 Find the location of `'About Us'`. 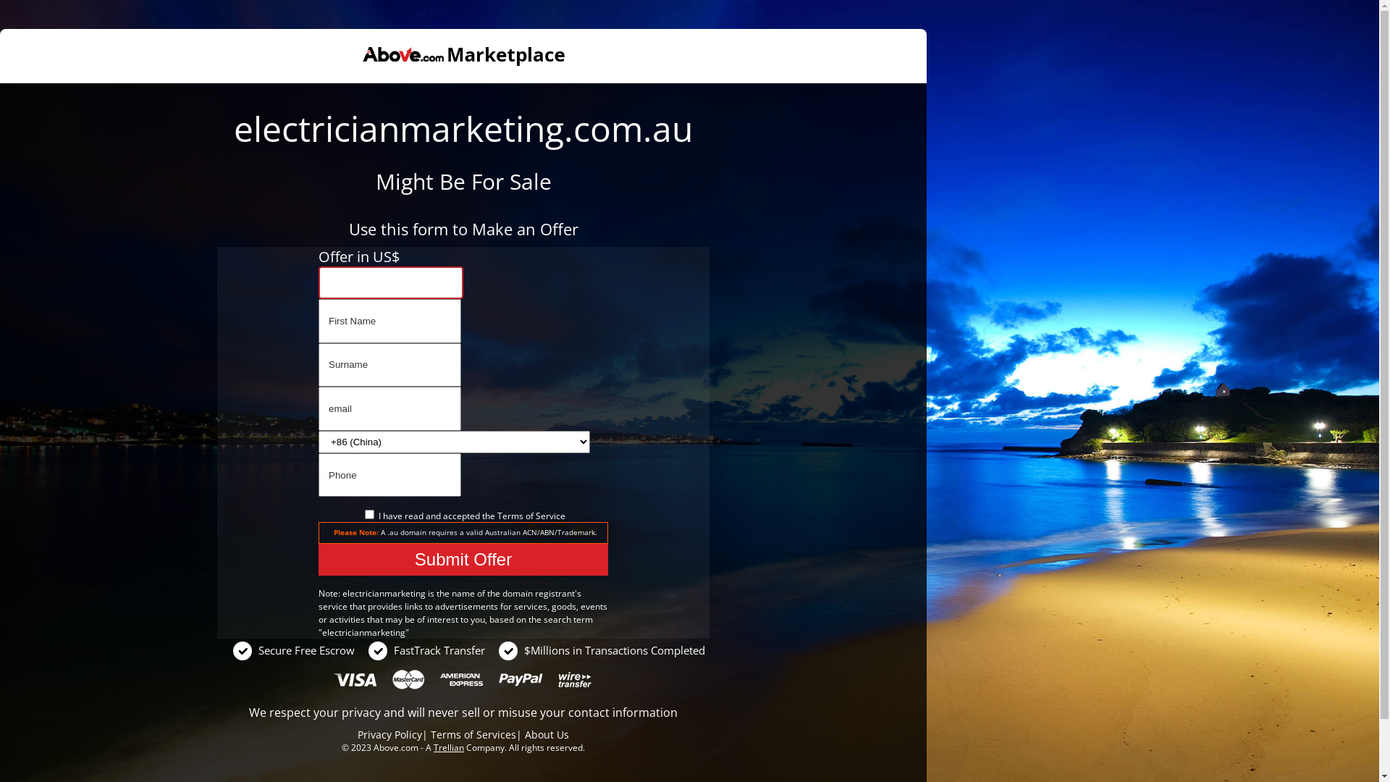

'About Us' is located at coordinates (546, 734).